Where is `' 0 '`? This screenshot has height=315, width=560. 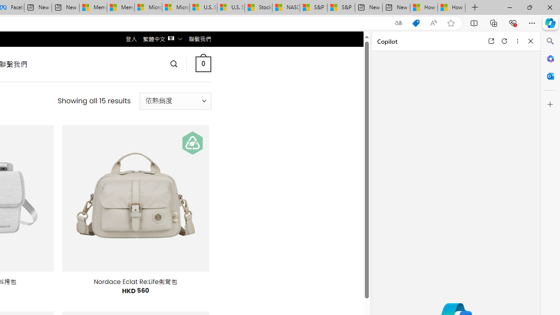 ' 0 ' is located at coordinates (203, 63).